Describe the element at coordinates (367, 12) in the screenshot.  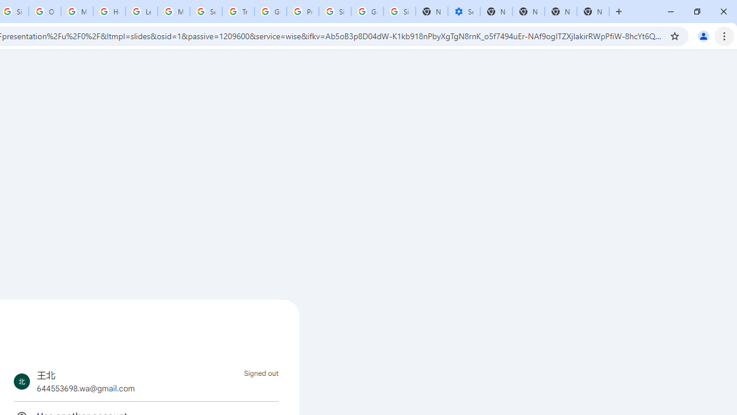
I see `'Google Cybersecurity Innovations - Google Safety Center'` at that location.